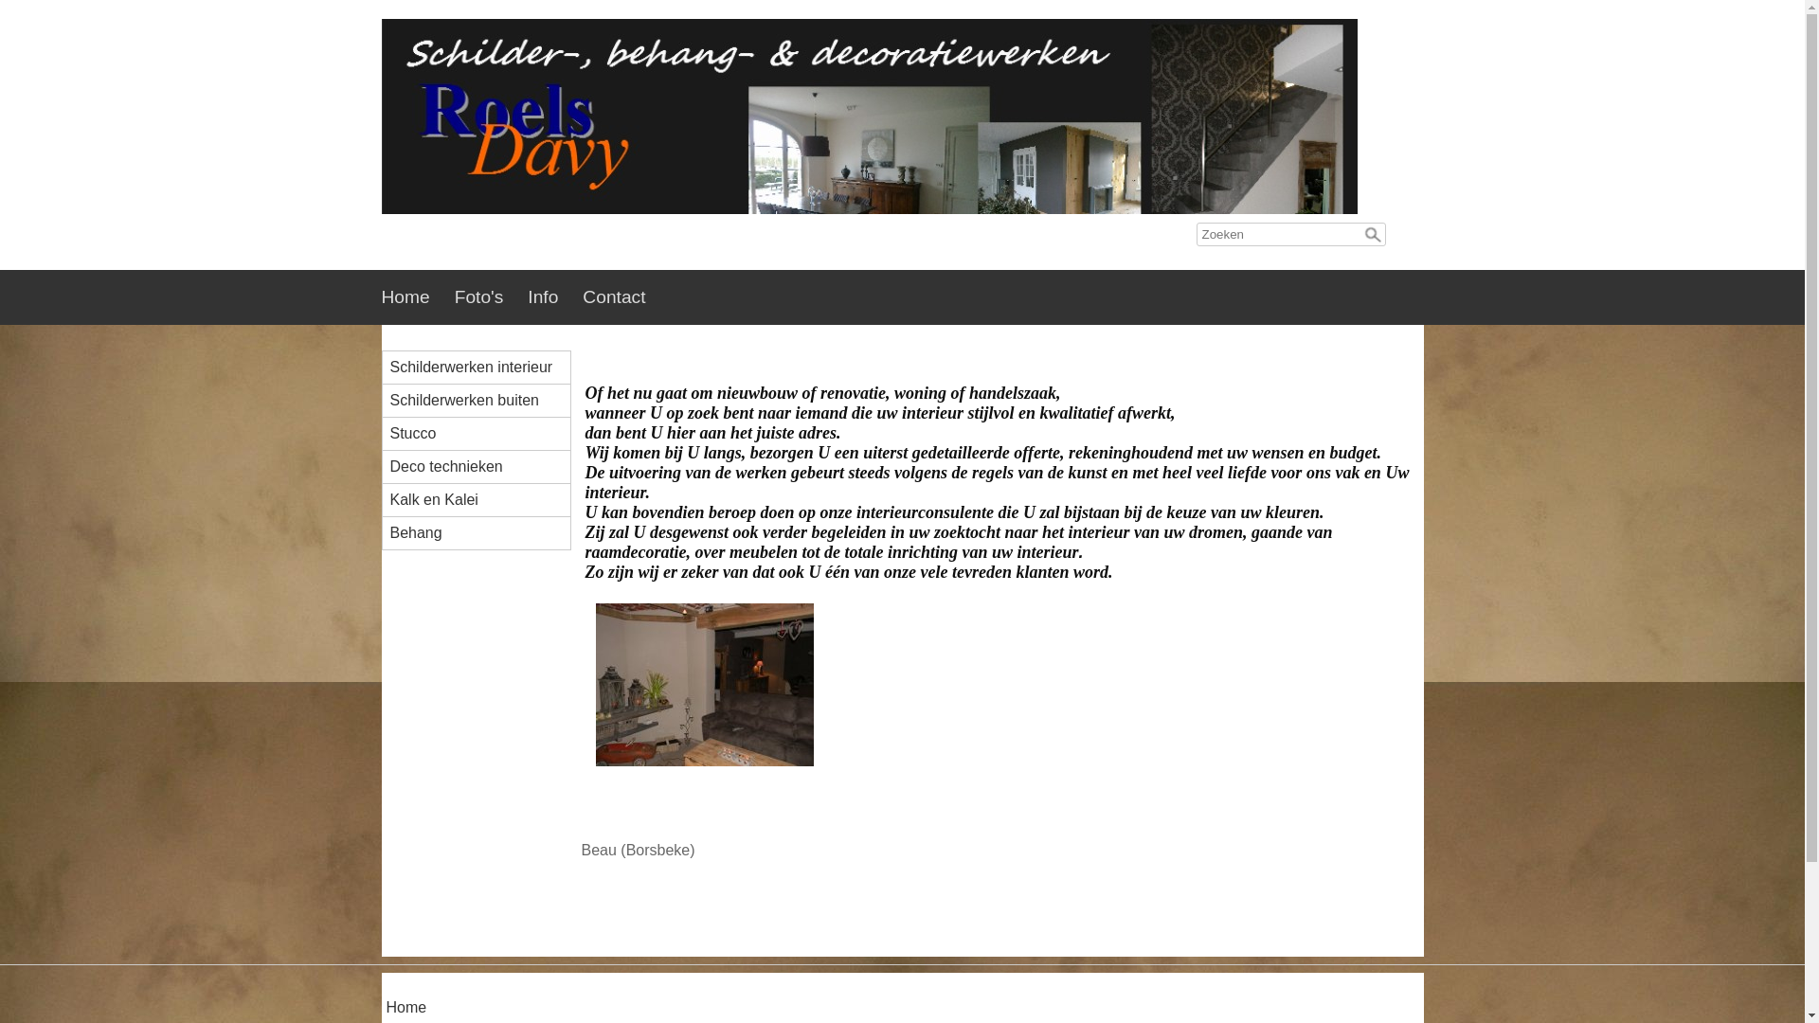 The height and width of the screenshot is (1023, 1819). I want to click on 'Info', so click(527, 296).